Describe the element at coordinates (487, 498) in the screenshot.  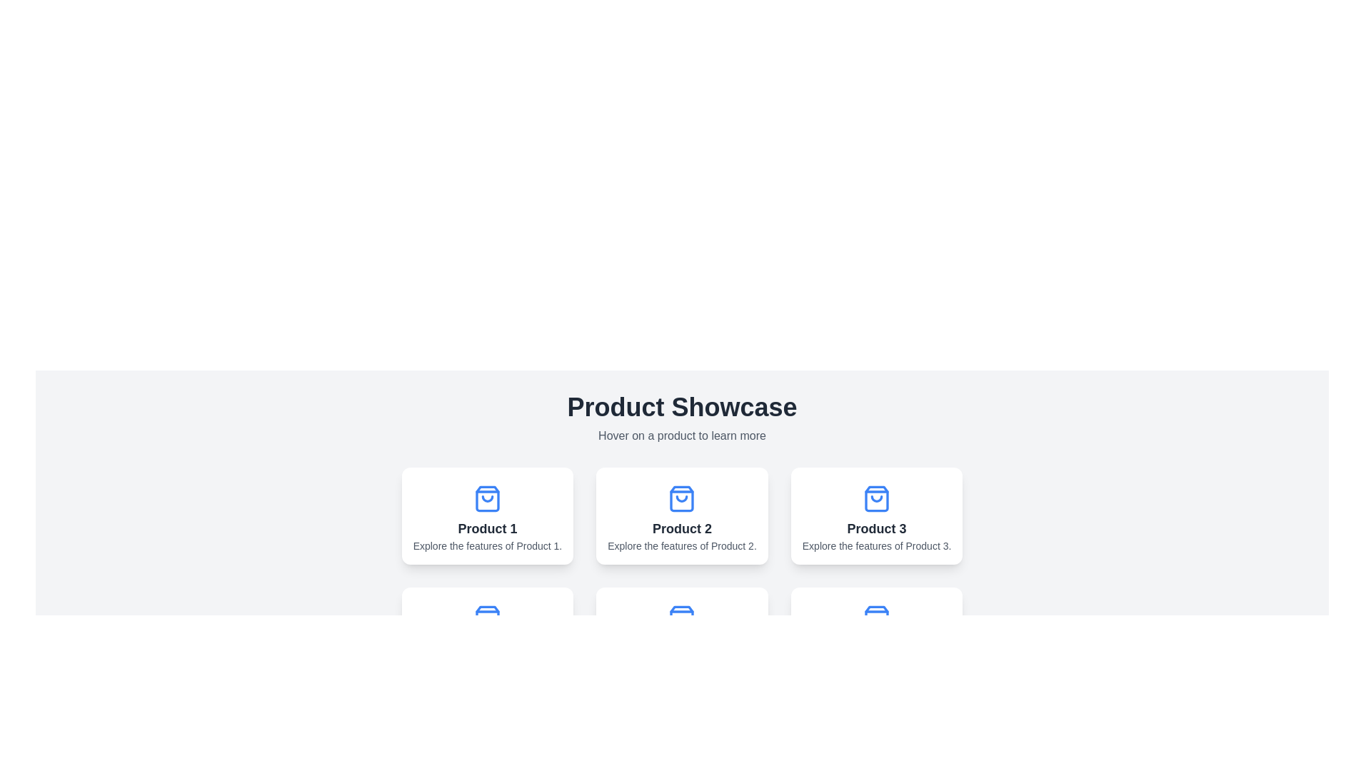
I see `the shopping bag icon located at the center of the 'Product 1' card` at that location.